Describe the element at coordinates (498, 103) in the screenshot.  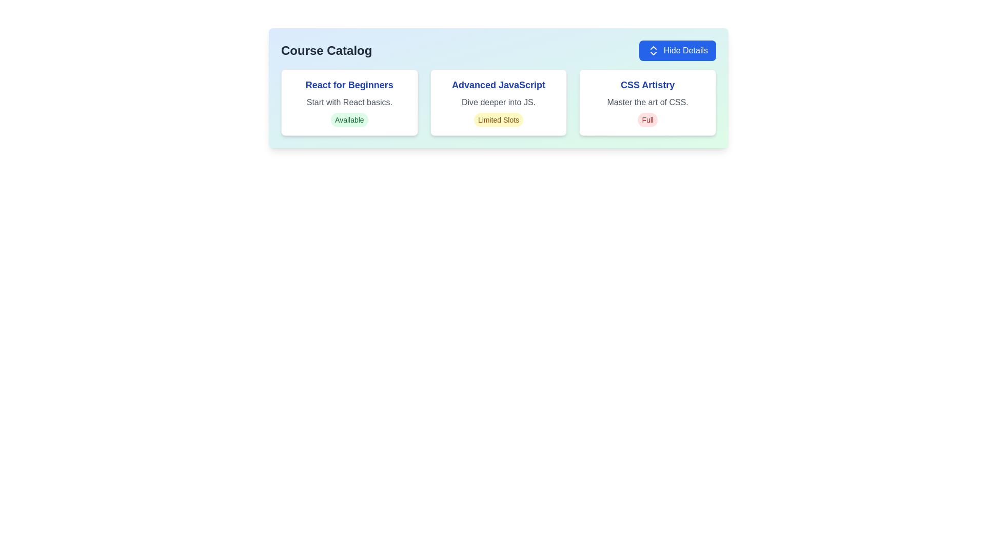
I see `the text 'Dive deeper into JS.' which is styled in gray, located within the 'Advanced JavaScript' card, positioned below the header and above the 'Limited Slots' badge` at that location.